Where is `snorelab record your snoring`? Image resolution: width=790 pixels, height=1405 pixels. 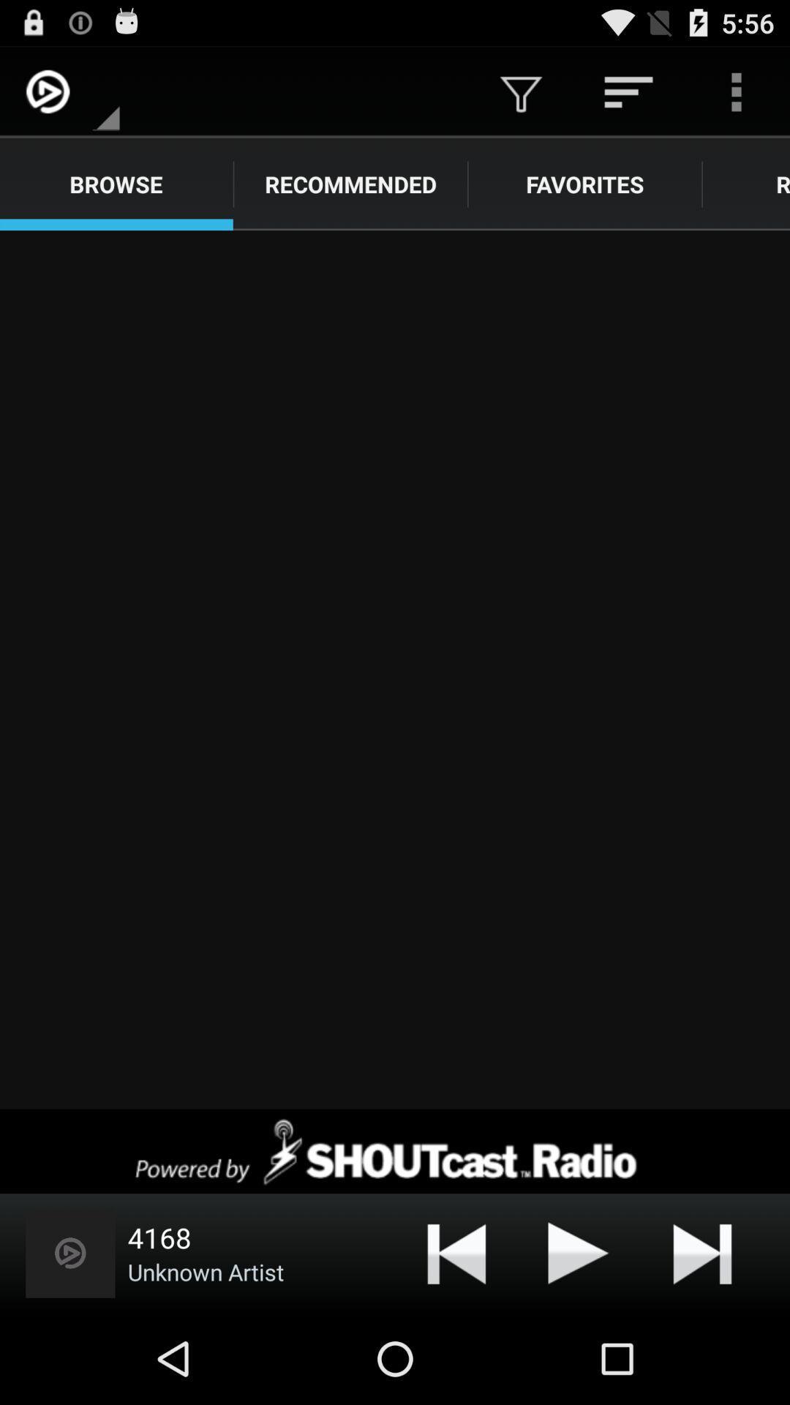
snorelab record your snoring is located at coordinates (395, 669).